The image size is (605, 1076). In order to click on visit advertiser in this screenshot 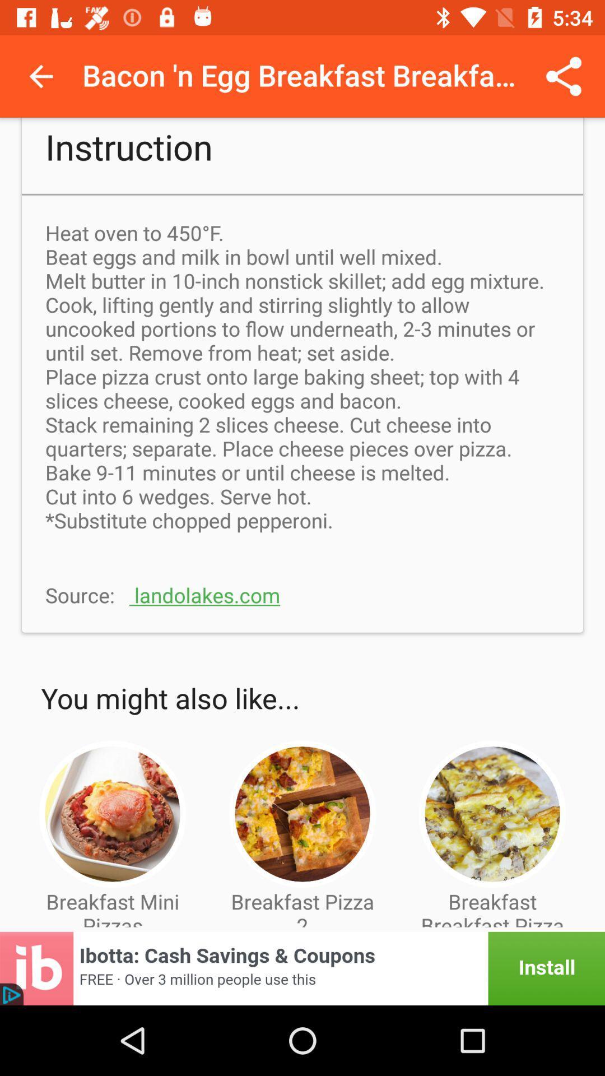, I will do `click(302, 968)`.